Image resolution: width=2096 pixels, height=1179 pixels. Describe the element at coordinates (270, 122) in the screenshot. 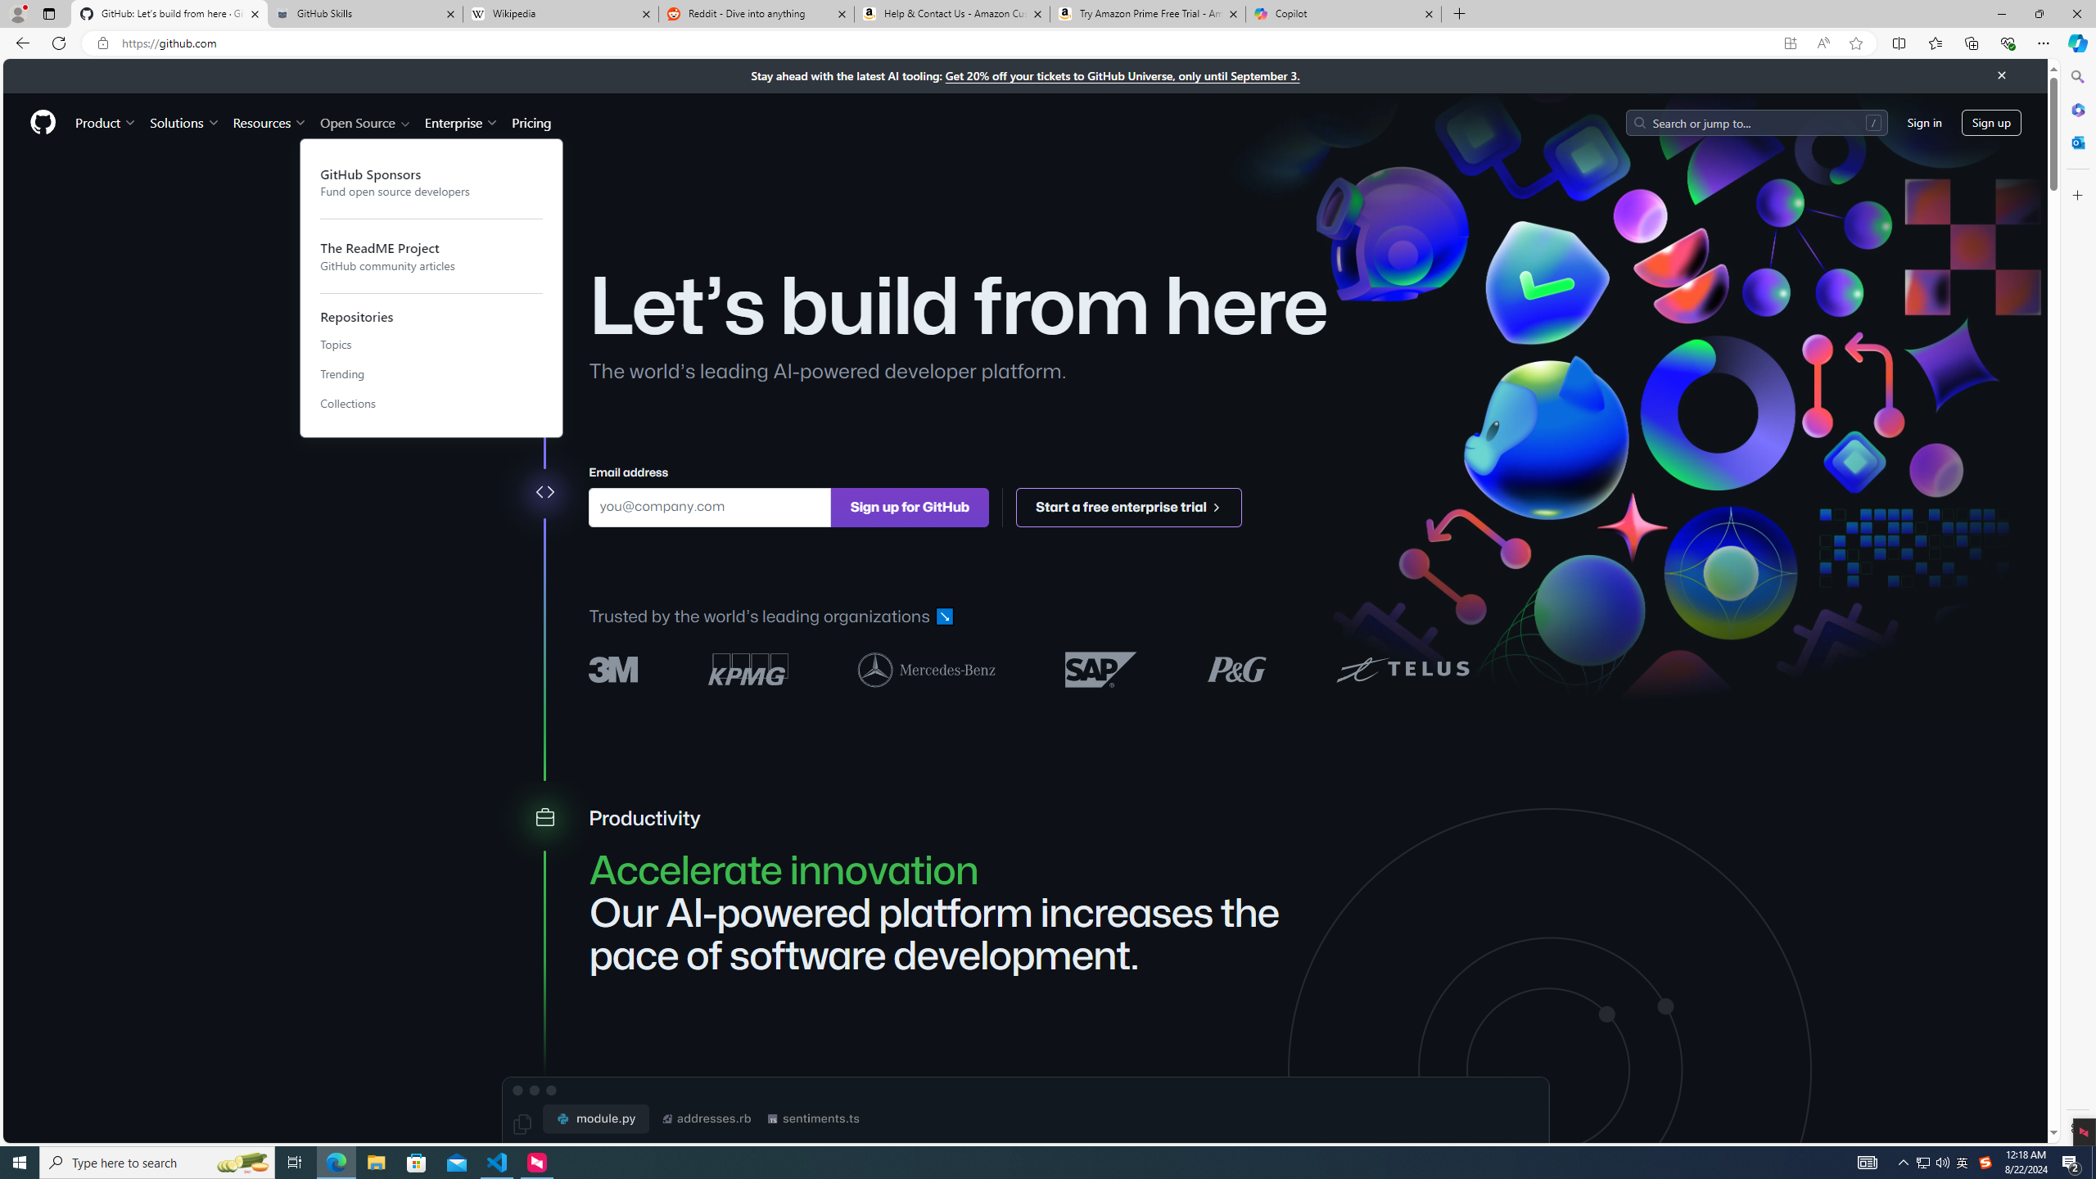

I see `'Resources'` at that location.